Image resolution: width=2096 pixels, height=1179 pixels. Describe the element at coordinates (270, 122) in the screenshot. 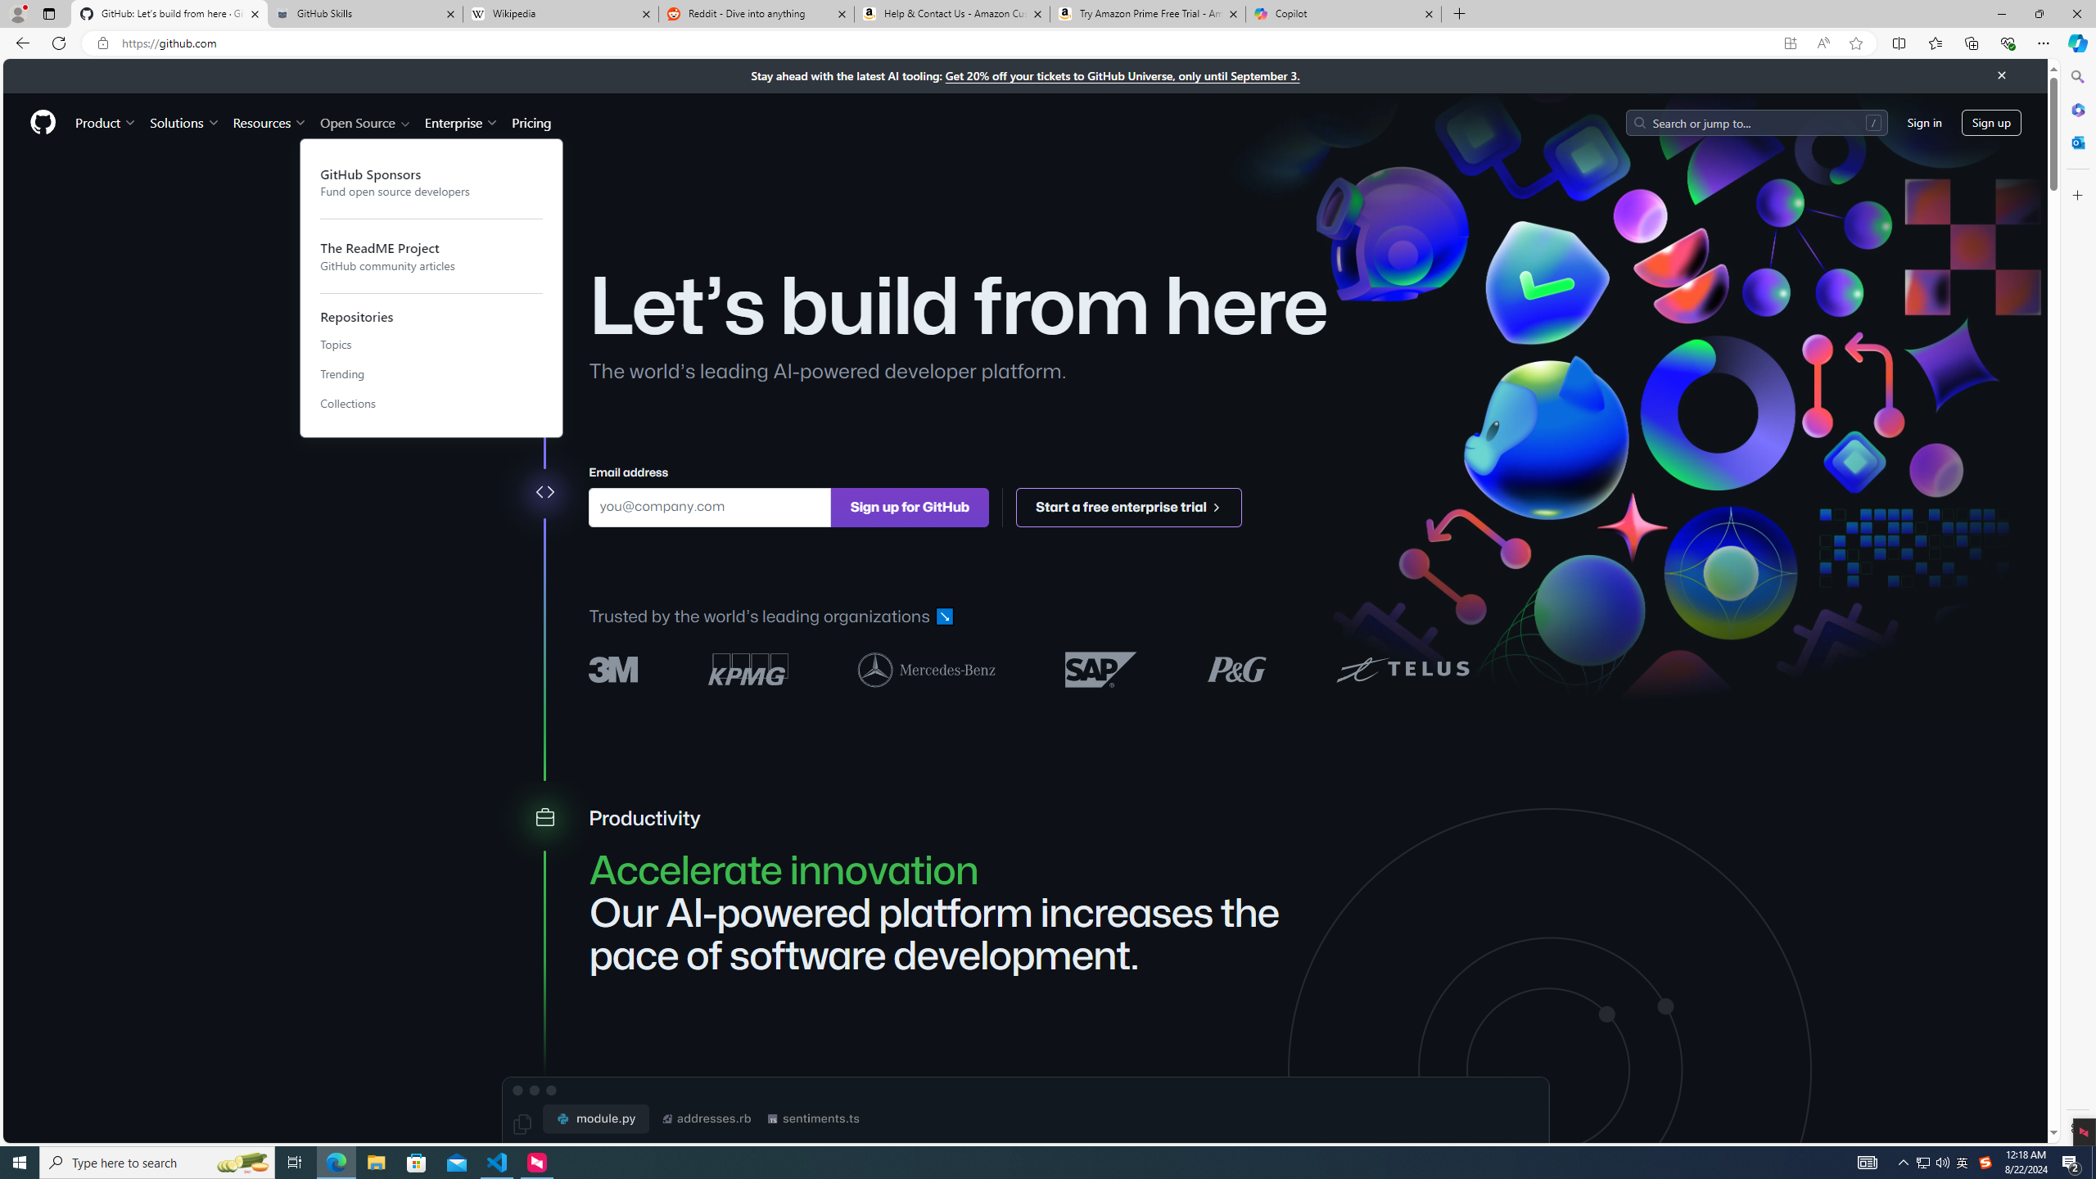

I see `'Resources'` at that location.